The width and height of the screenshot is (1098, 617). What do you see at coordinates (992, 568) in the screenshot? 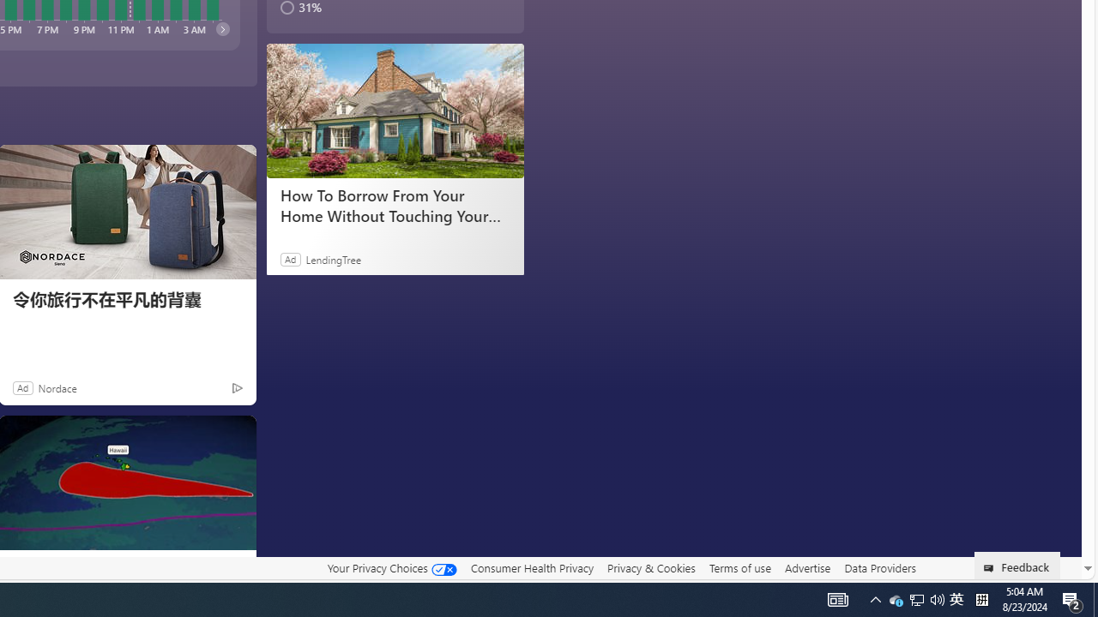
I see `'Class: feedback_link_icon-DS-EntryPoint1-1'` at bounding box center [992, 568].